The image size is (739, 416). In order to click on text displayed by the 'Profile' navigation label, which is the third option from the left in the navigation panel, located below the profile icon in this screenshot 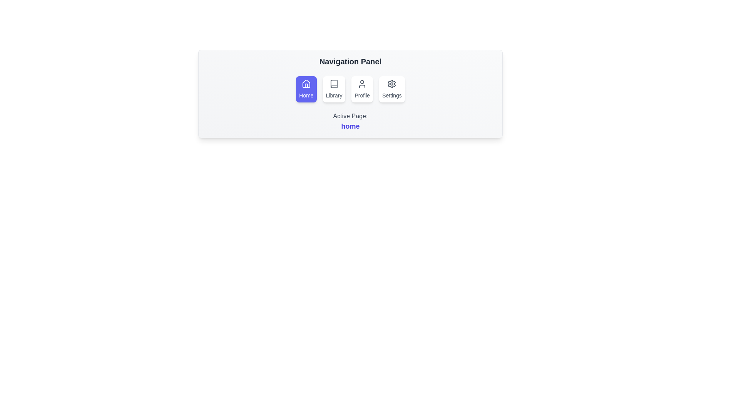, I will do `click(362, 95)`.